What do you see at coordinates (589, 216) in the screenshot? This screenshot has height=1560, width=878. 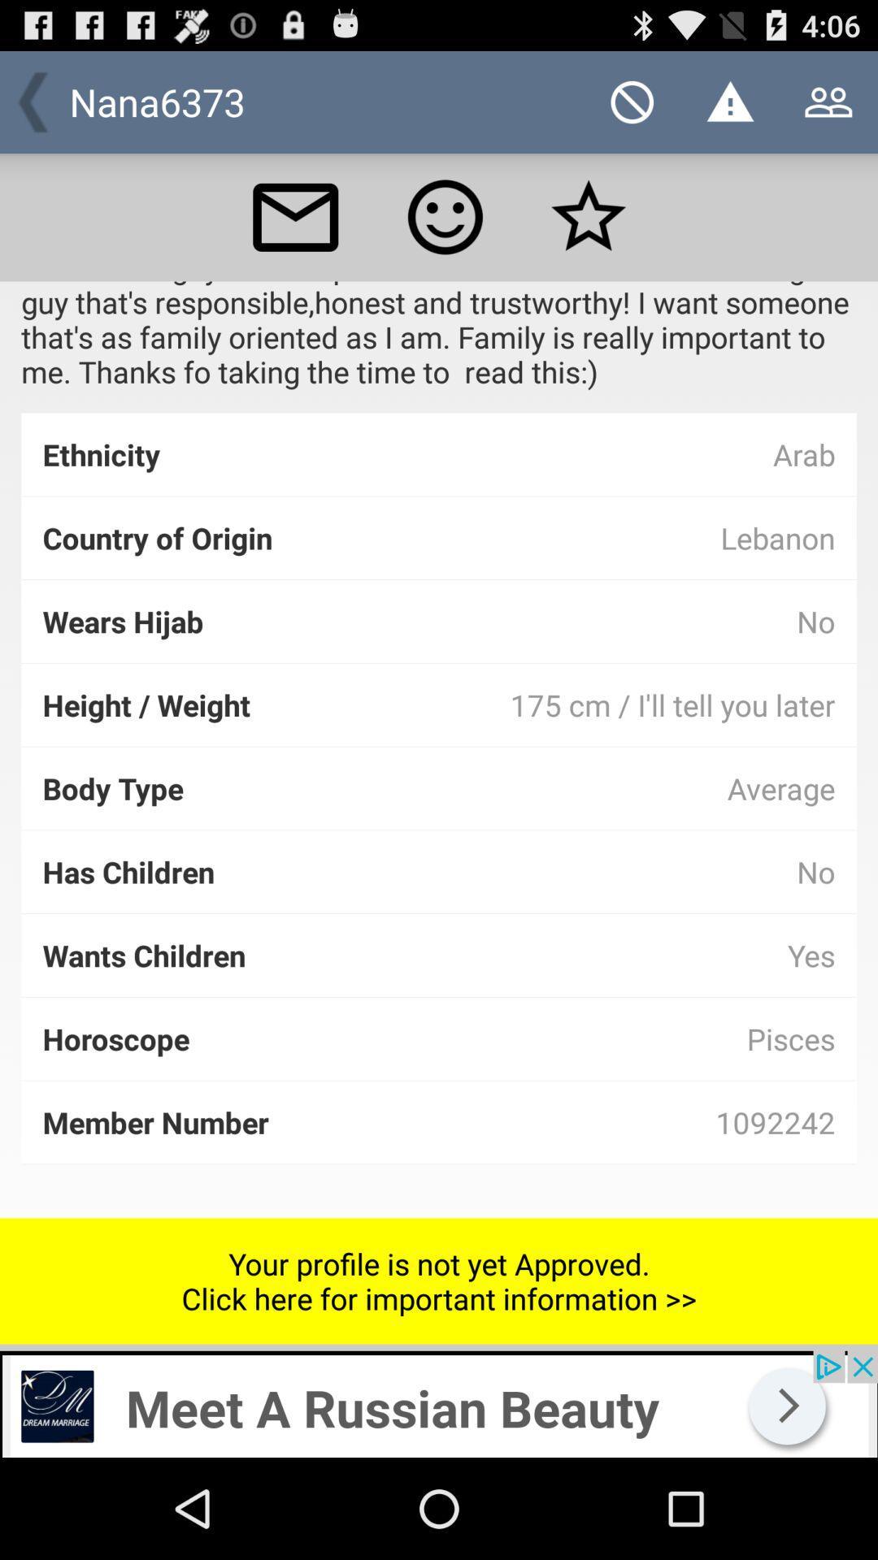 I see `set as favorite` at bounding box center [589, 216].